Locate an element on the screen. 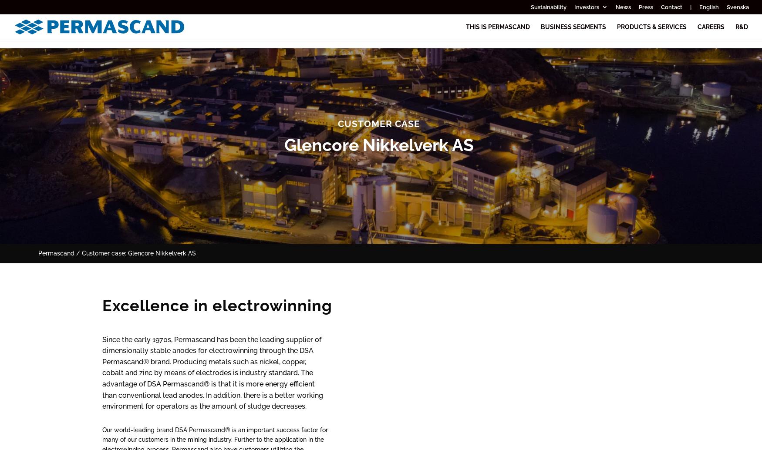 This screenshot has height=450, width=762. 'Customer case' is located at coordinates (378, 123).